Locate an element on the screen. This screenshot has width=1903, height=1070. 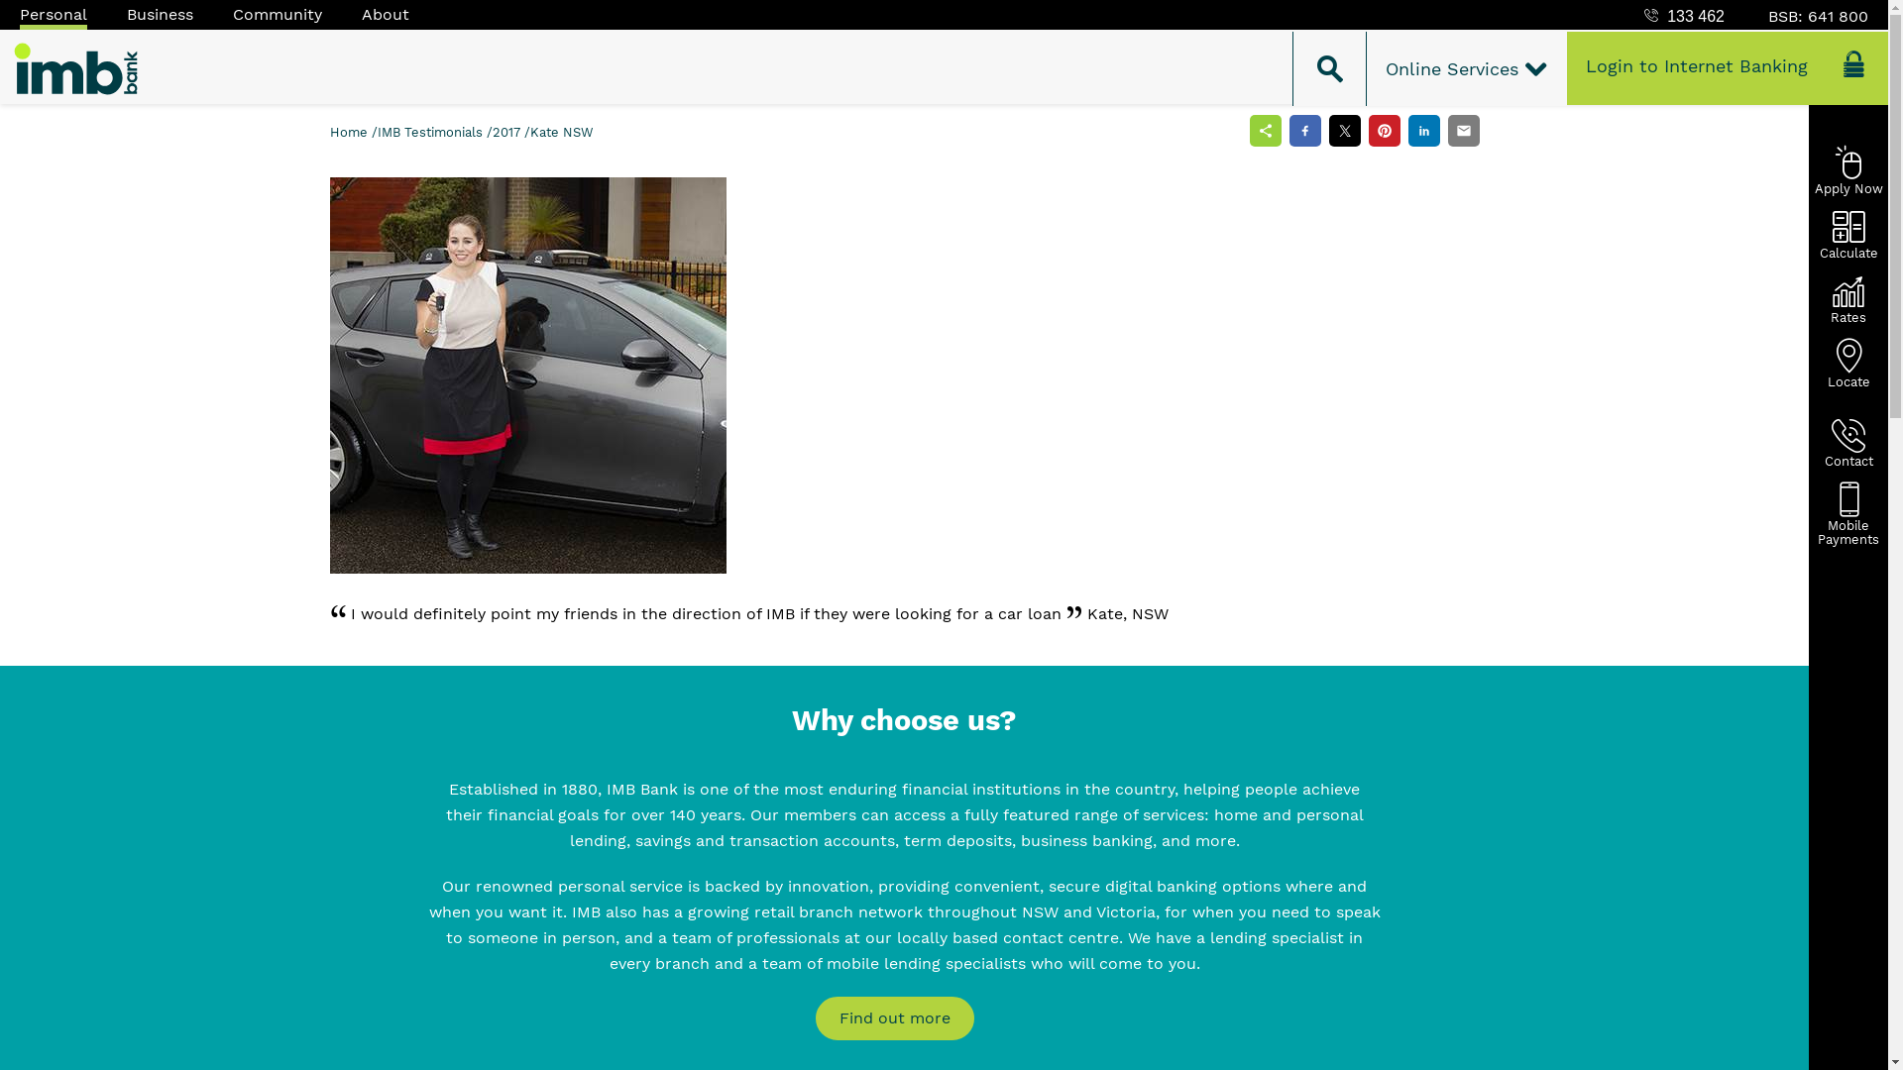
'Rates' is located at coordinates (1847, 298).